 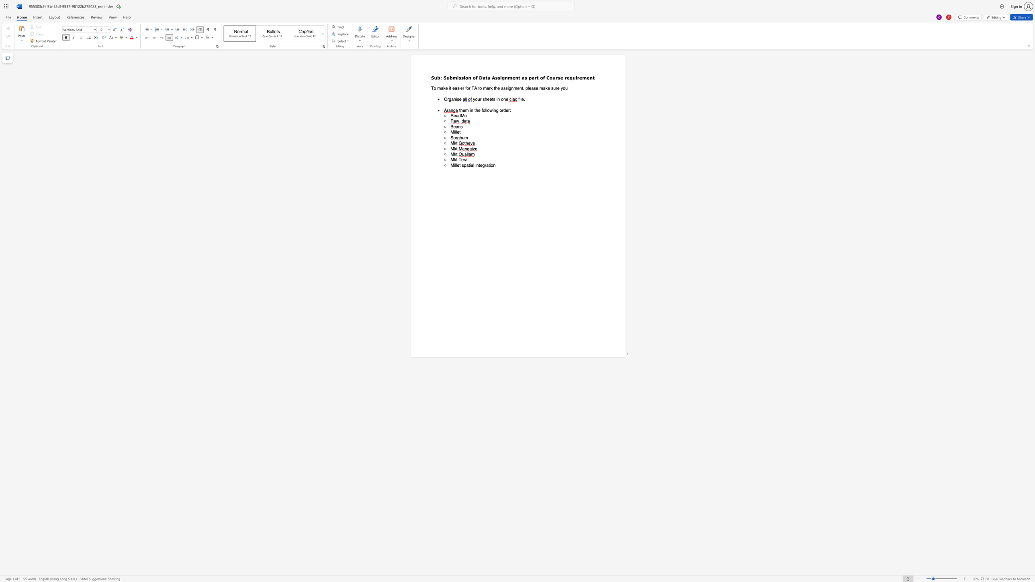 I want to click on the subset text "ts in o" within the text "your sheets in one", so click(x=492, y=99).